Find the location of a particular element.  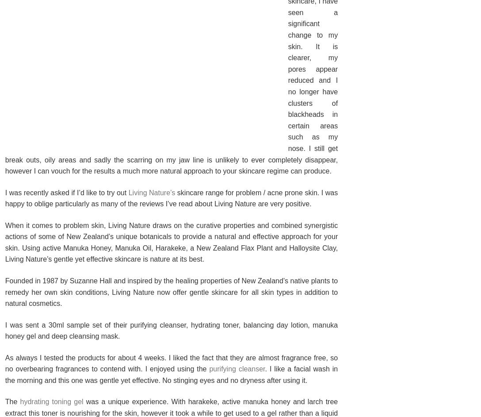

'skincare range for
problem / acne prone skin. I was happy to oblige particularly as many of the
reviews I’ve read about Living Nature are very positive.' is located at coordinates (4, 197).